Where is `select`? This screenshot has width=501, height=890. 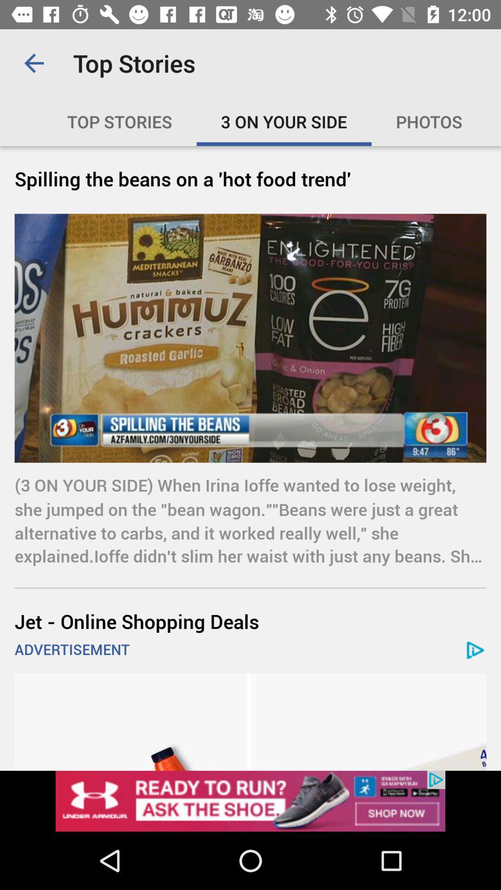
select is located at coordinates (250, 801).